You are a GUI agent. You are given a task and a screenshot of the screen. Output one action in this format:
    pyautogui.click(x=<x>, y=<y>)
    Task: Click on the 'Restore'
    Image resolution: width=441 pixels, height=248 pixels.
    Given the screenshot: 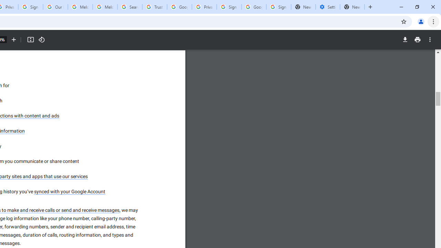 What is the action you would take?
    pyautogui.click(x=417, y=7)
    